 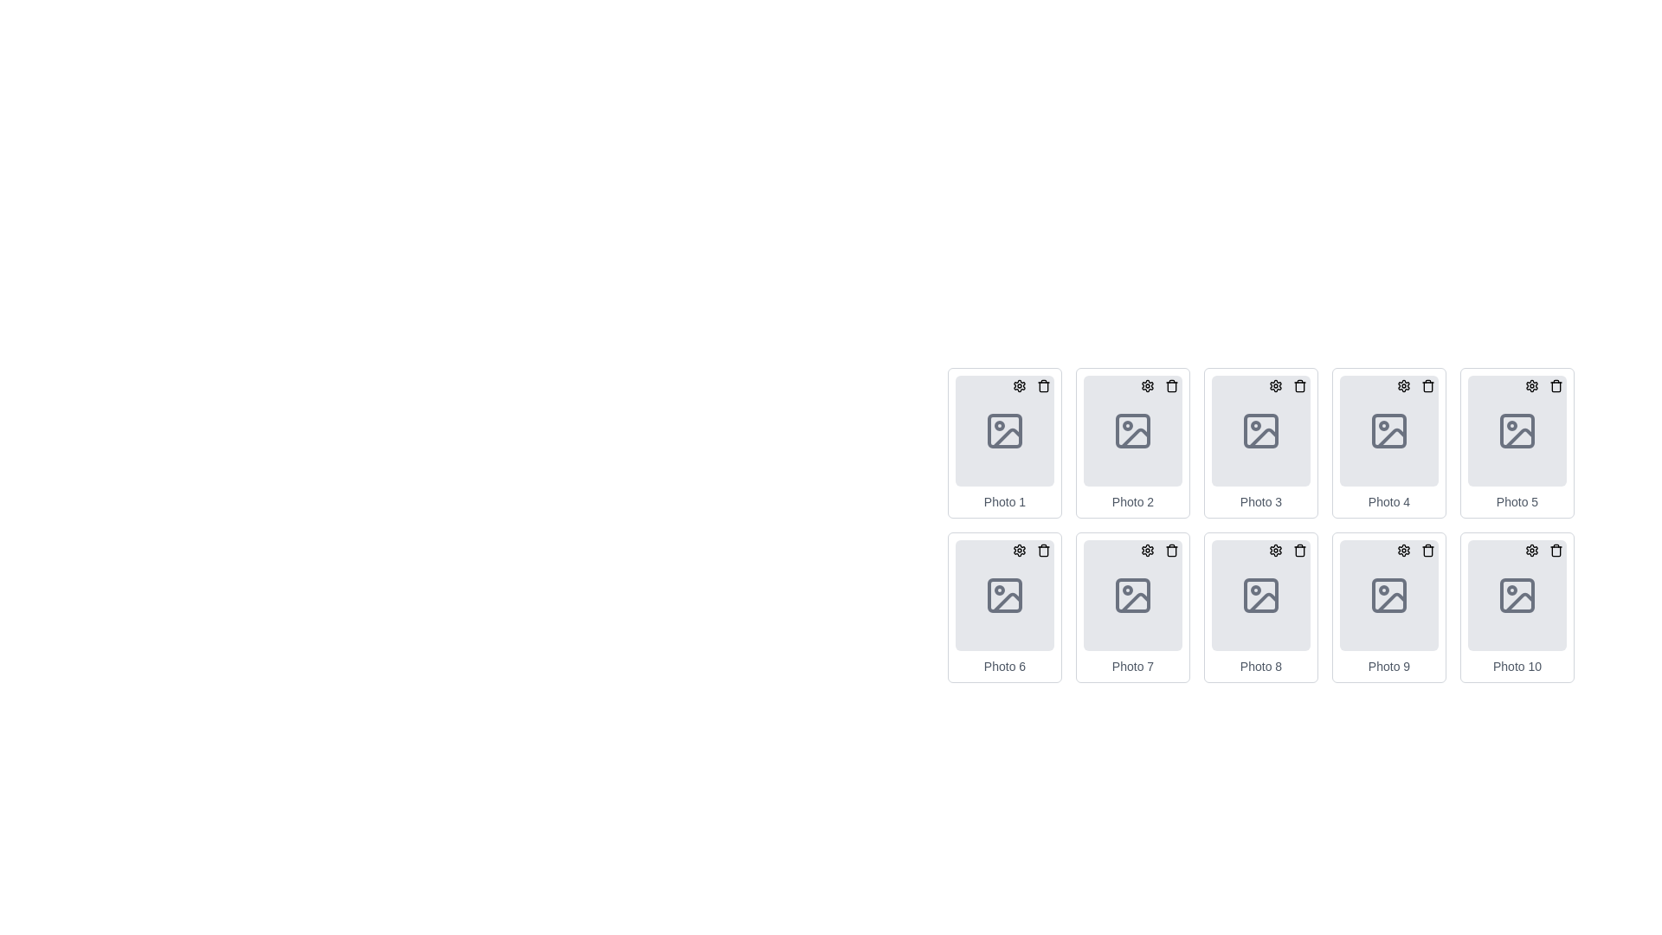 What do you see at coordinates (1275, 551) in the screenshot?
I see `the gear icon located in the toolbar at the top of the 'Photo 8' card` at bounding box center [1275, 551].